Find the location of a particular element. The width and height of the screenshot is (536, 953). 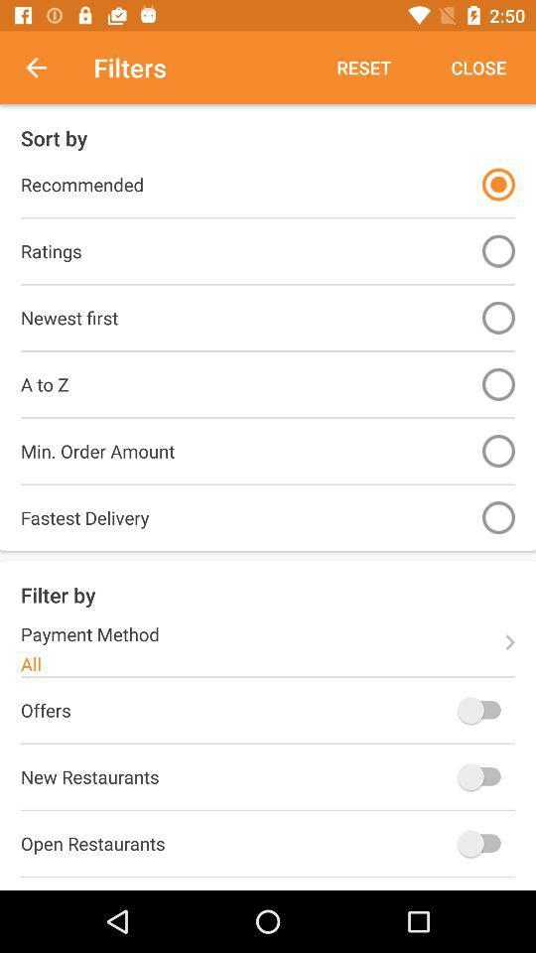

item above the sort by item is located at coordinates (47, 68).